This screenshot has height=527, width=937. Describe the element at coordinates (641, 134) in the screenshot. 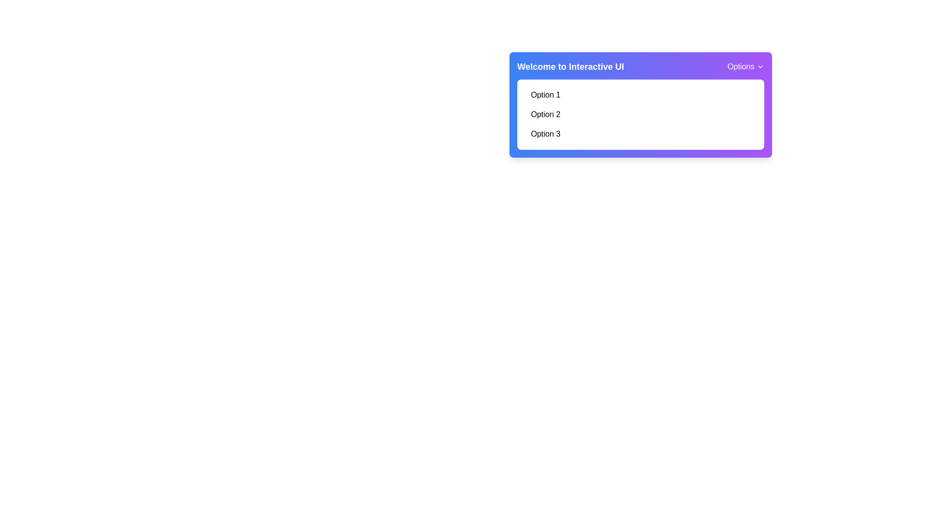

I see `the button labeled 'Option 3', which is the third item in a vertical list of options` at that location.